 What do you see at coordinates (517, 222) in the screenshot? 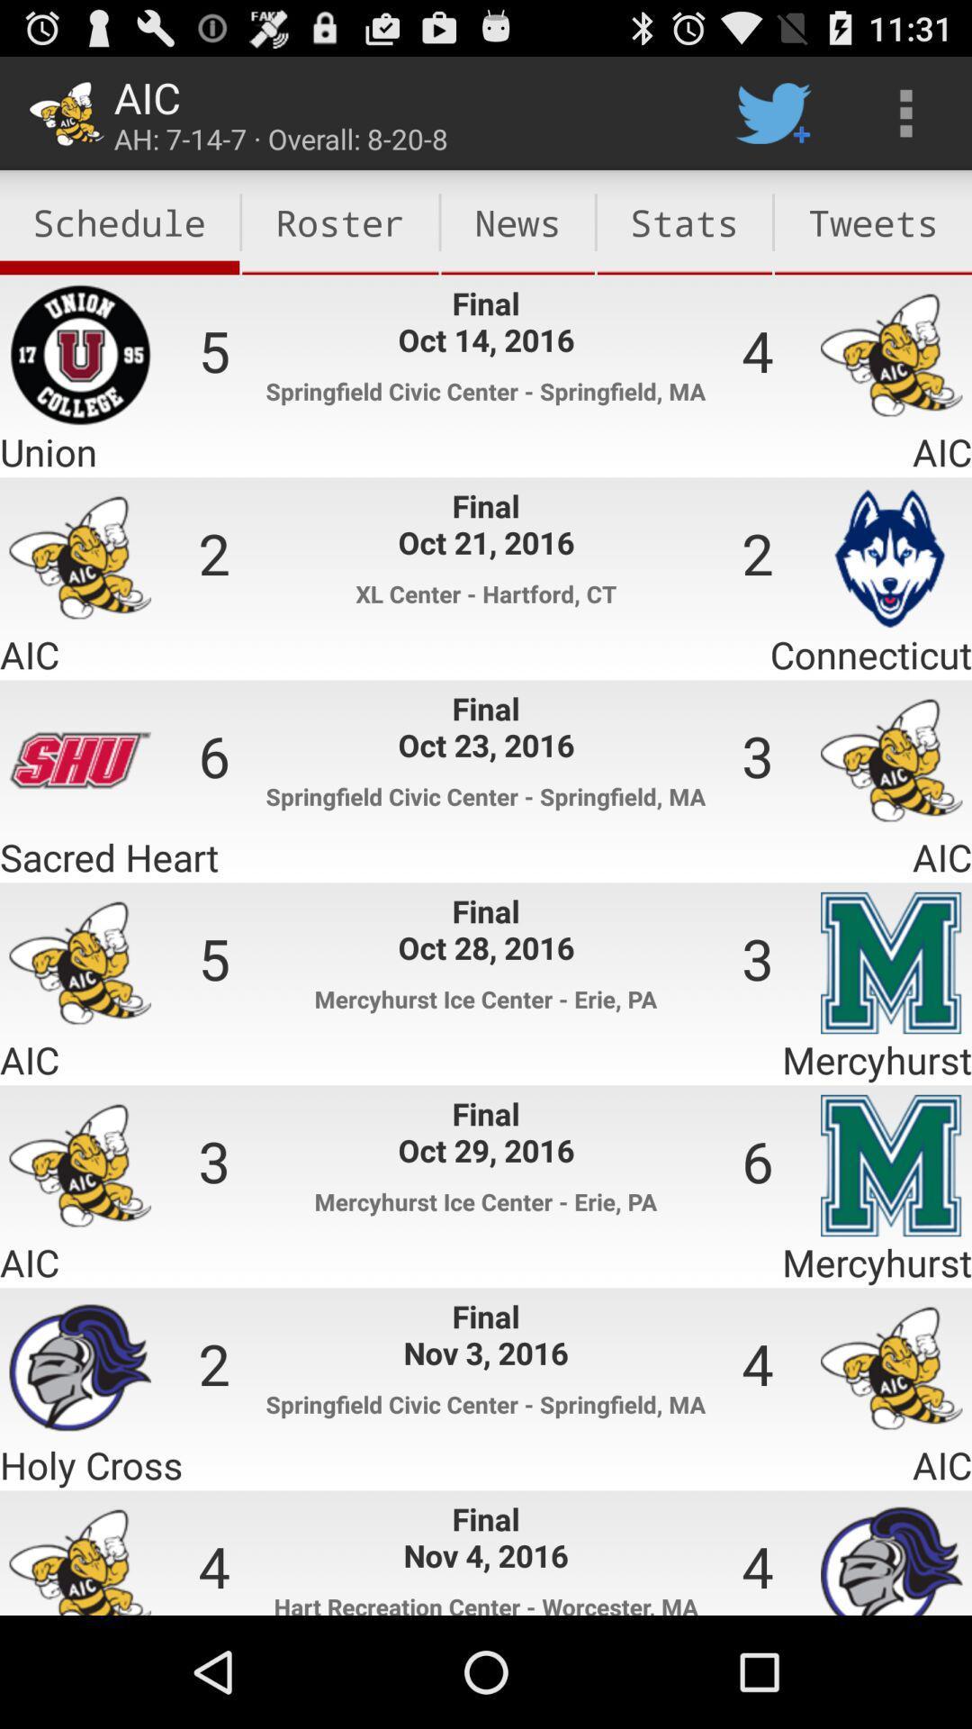
I see `news item` at bounding box center [517, 222].